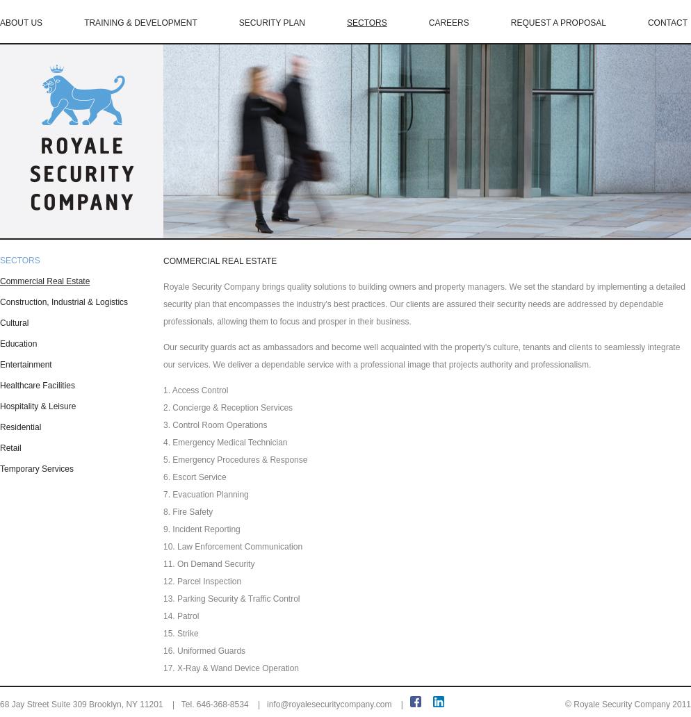  I want to click on 'CONTACT', so click(667, 23).